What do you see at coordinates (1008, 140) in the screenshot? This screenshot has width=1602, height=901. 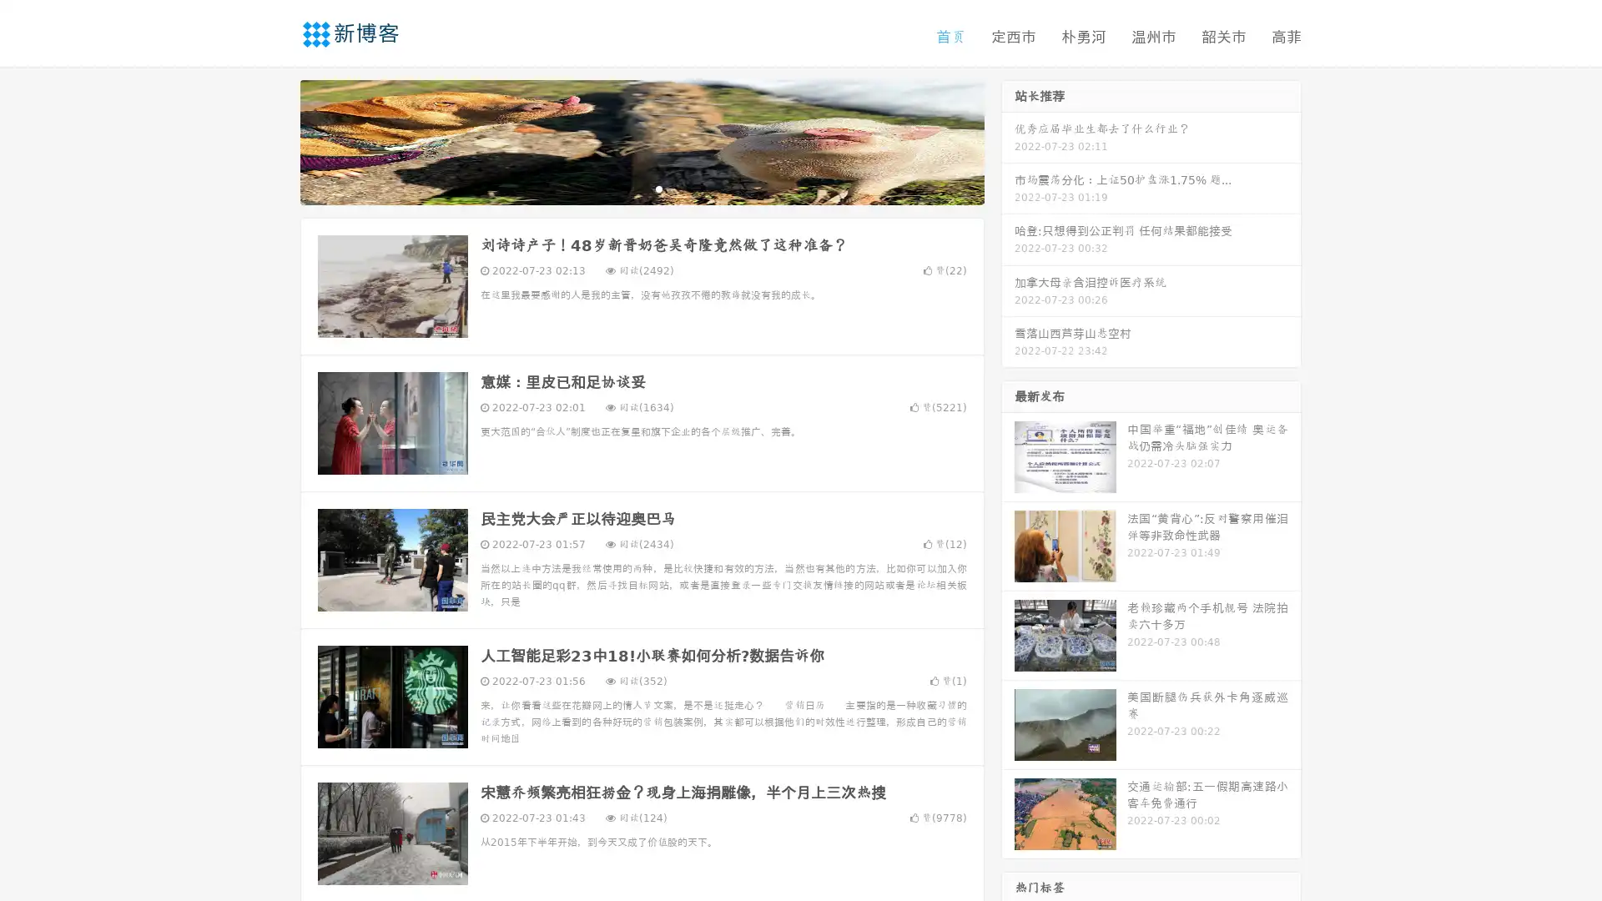 I see `Next slide` at bounding box center [1008, 140].